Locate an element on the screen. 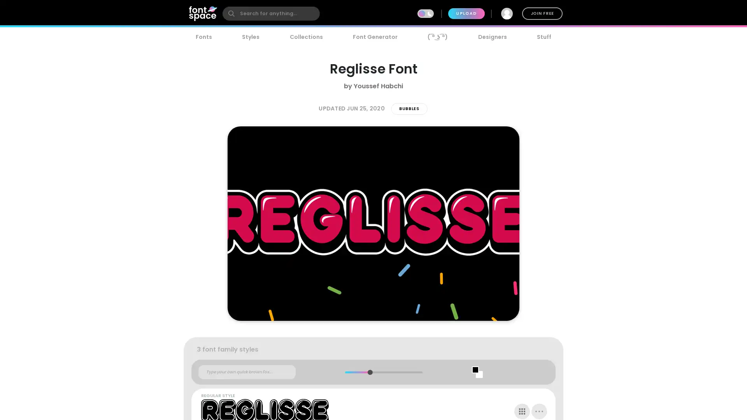 The height and width of the screenshot is (420, 747). JOIN FREE is located at coordinates (542, 13).